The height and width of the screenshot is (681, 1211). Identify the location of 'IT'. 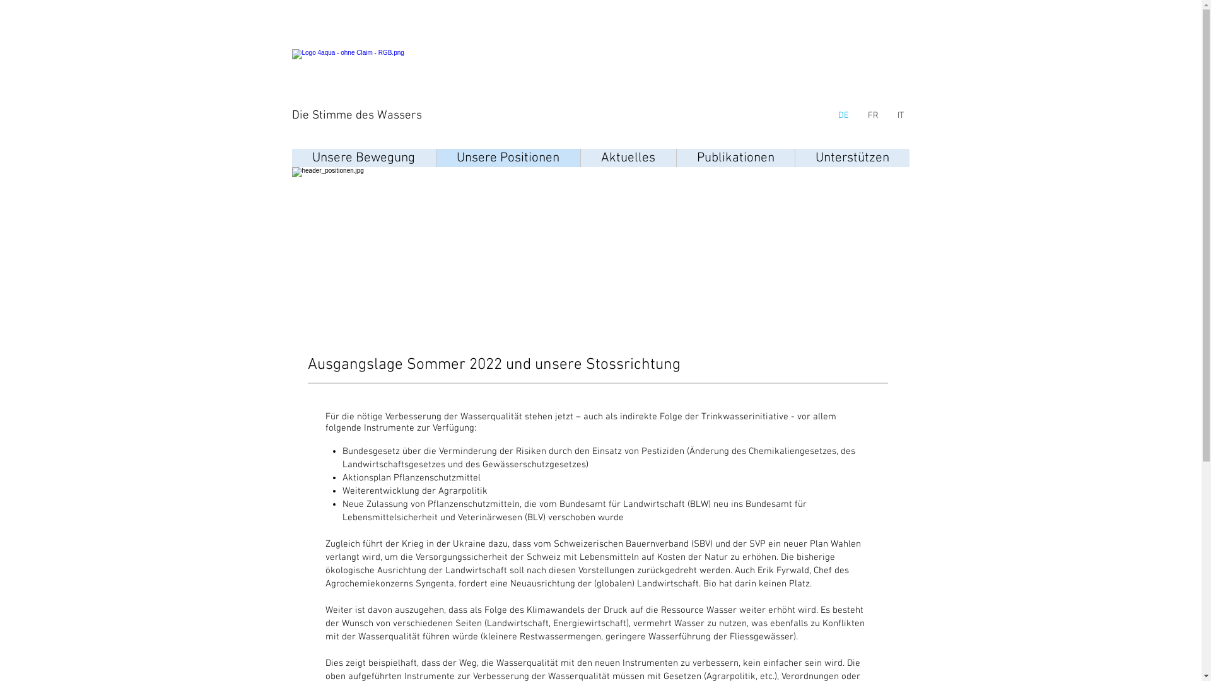
(899, 116).